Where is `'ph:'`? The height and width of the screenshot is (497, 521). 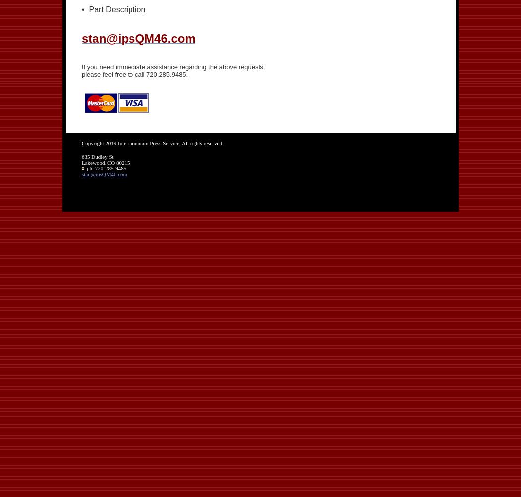 'ph:' is located at coordinates (87, 167).